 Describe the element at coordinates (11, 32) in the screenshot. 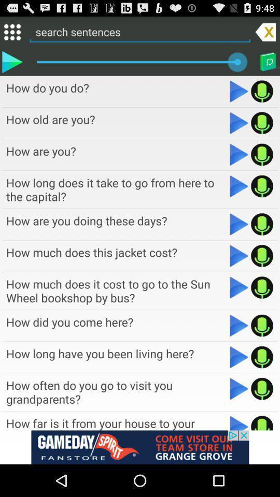

I see `menu selection` at that location.